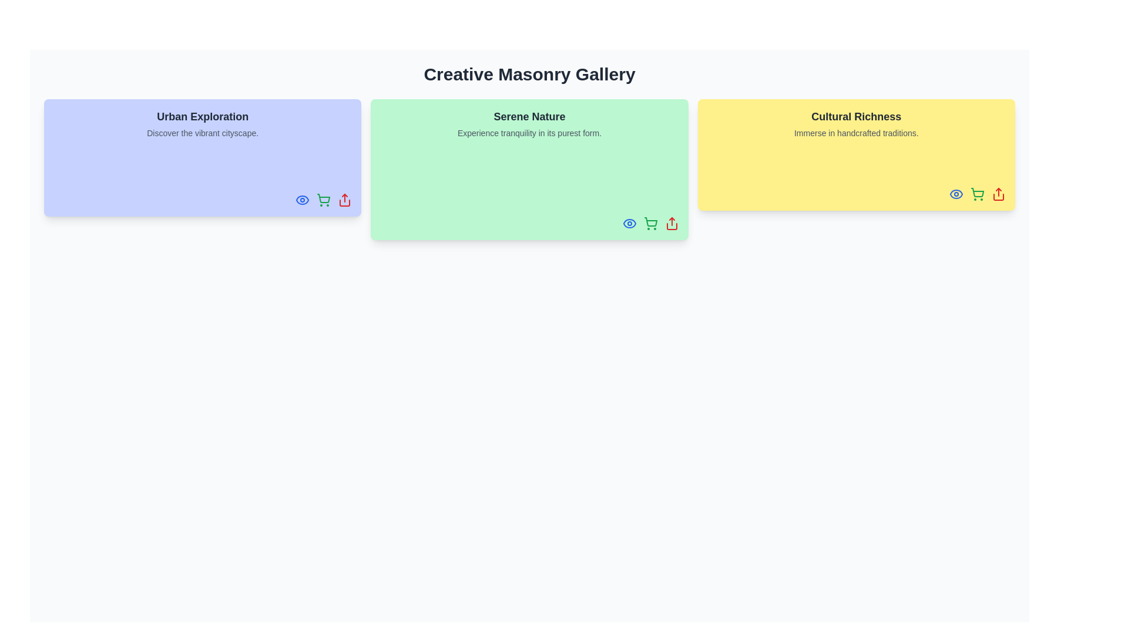 The width and height of the screenshot is (1128, 634). What do you see at coordinates (629, 224) in the screenshot?
I see `outer contour of the eye-shaped icon located at the bottom-right corner of the 'Serene Nature' card` at bounding box center [629, 224].